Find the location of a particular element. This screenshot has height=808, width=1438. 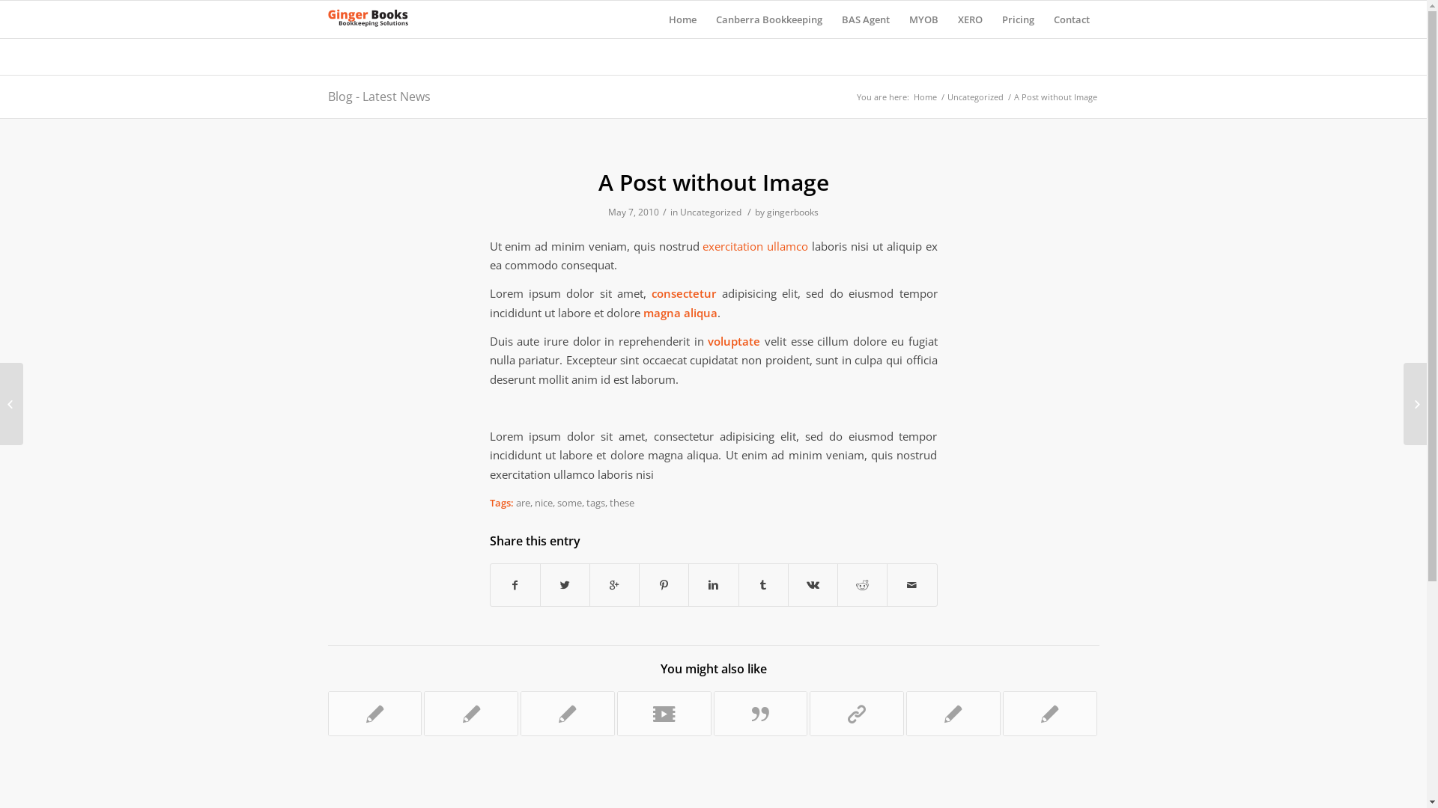

'these' is located at coordinates (622, 502).